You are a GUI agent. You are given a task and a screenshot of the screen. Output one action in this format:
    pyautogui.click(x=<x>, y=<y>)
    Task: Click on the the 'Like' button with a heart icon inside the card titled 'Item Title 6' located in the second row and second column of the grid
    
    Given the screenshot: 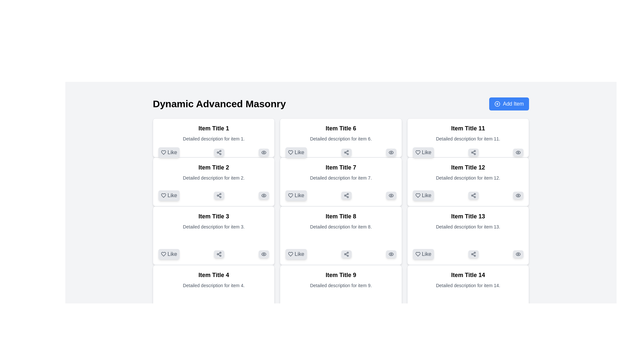 What is the action you would take?
    pyautogui.click(x=296, y=152)
    